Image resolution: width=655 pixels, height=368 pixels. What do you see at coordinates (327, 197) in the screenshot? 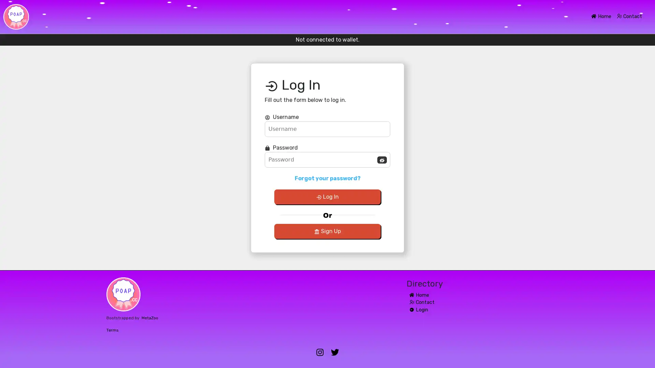
I see `Log In` at bounding box center [327, 197].